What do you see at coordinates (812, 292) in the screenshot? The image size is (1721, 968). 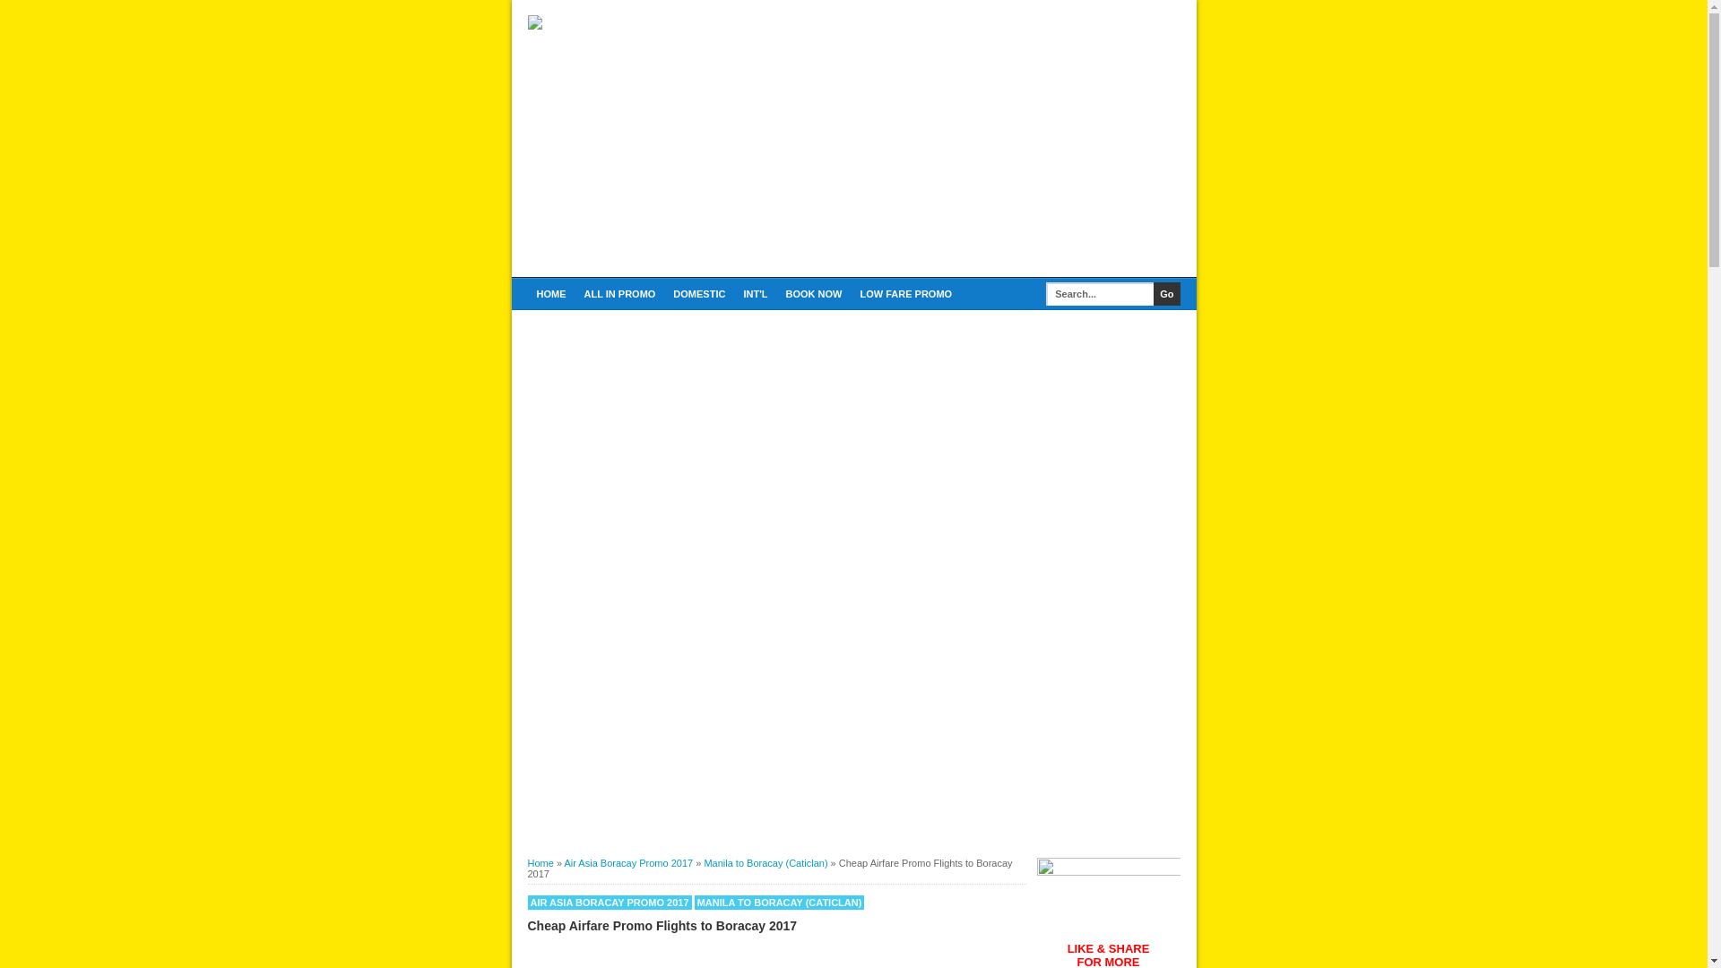 I see `'BOOK NOW'` at bounding box center [812, 292].